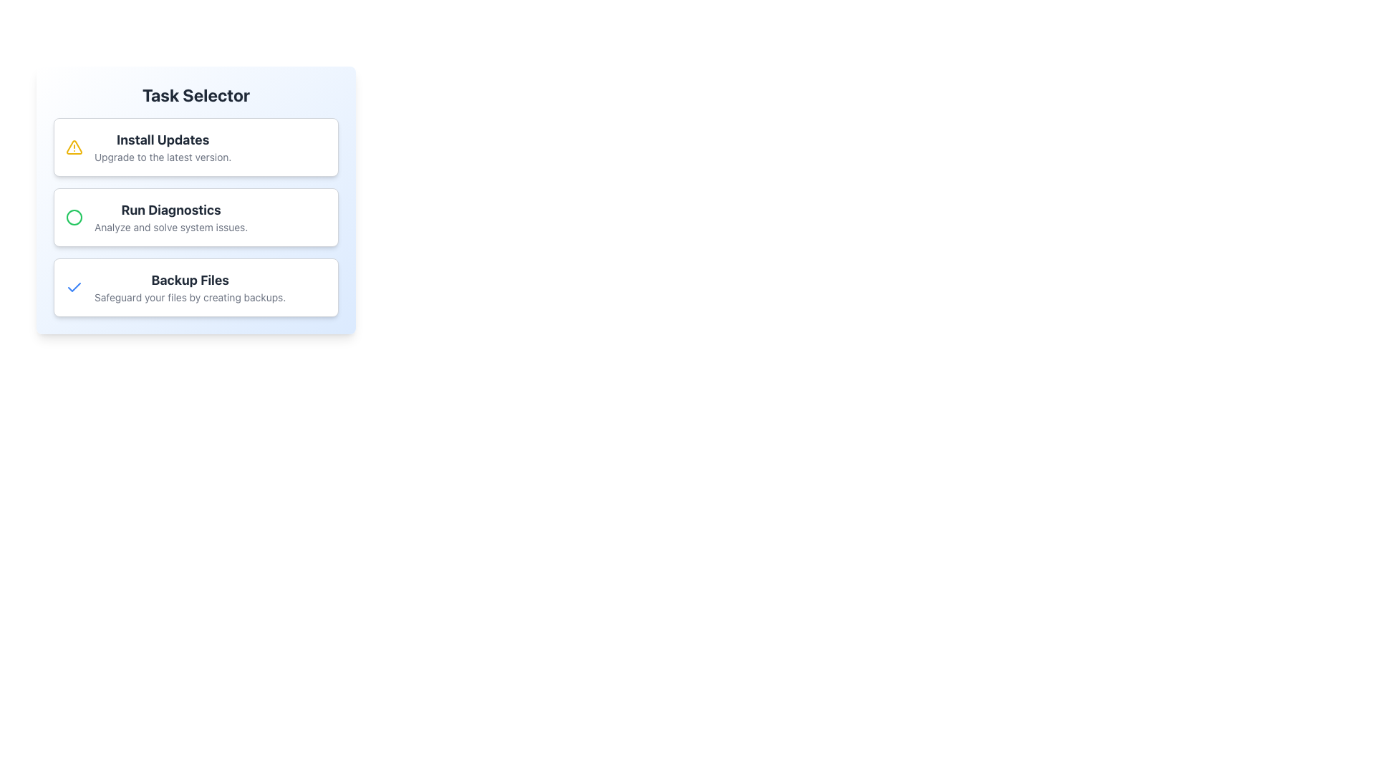  What do you see at coordinates (195, 287) in the screenshot?
I see `the clickable card for file backup options located in the third card of the 'Task Selector' vertical stack` at bounding box center [195, 287].